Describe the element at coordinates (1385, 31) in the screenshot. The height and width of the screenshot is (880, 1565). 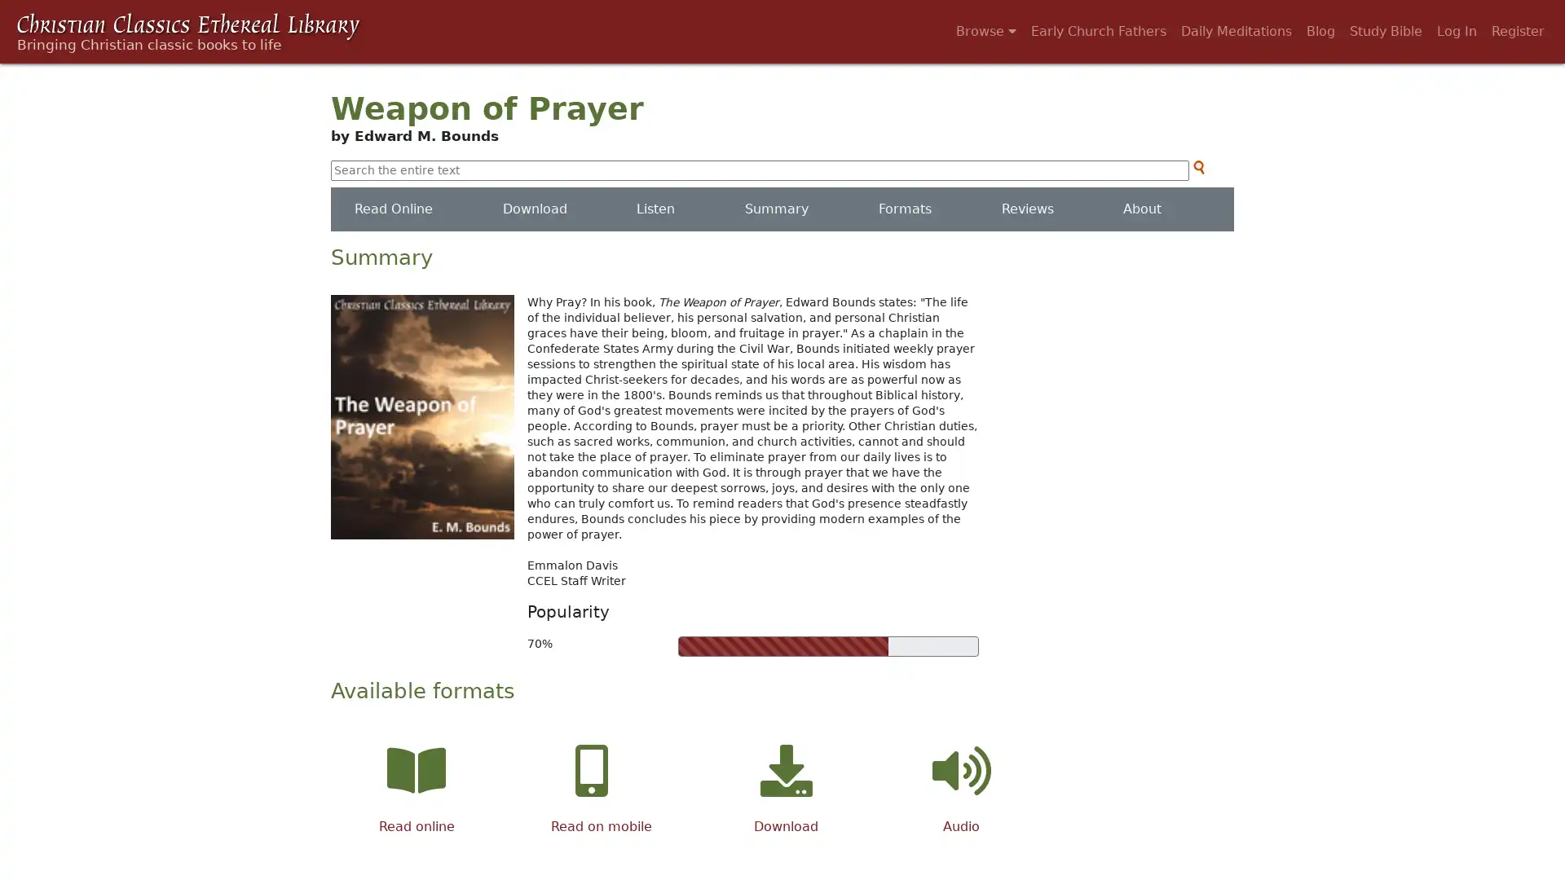
I see `Study Bible` at that location.